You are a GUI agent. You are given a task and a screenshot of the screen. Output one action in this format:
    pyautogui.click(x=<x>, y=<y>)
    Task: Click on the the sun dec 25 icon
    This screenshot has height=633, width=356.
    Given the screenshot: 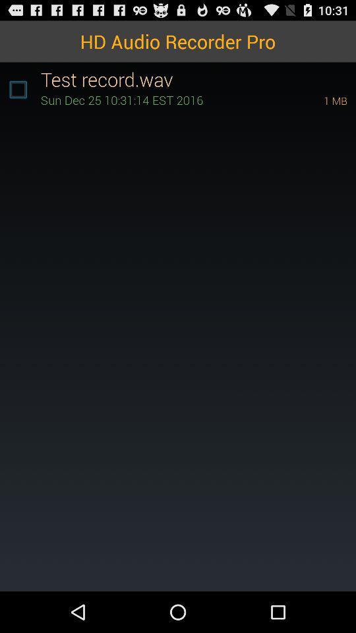 What is the action you would take?
    pyautogui.click(x=163, y=99)
    